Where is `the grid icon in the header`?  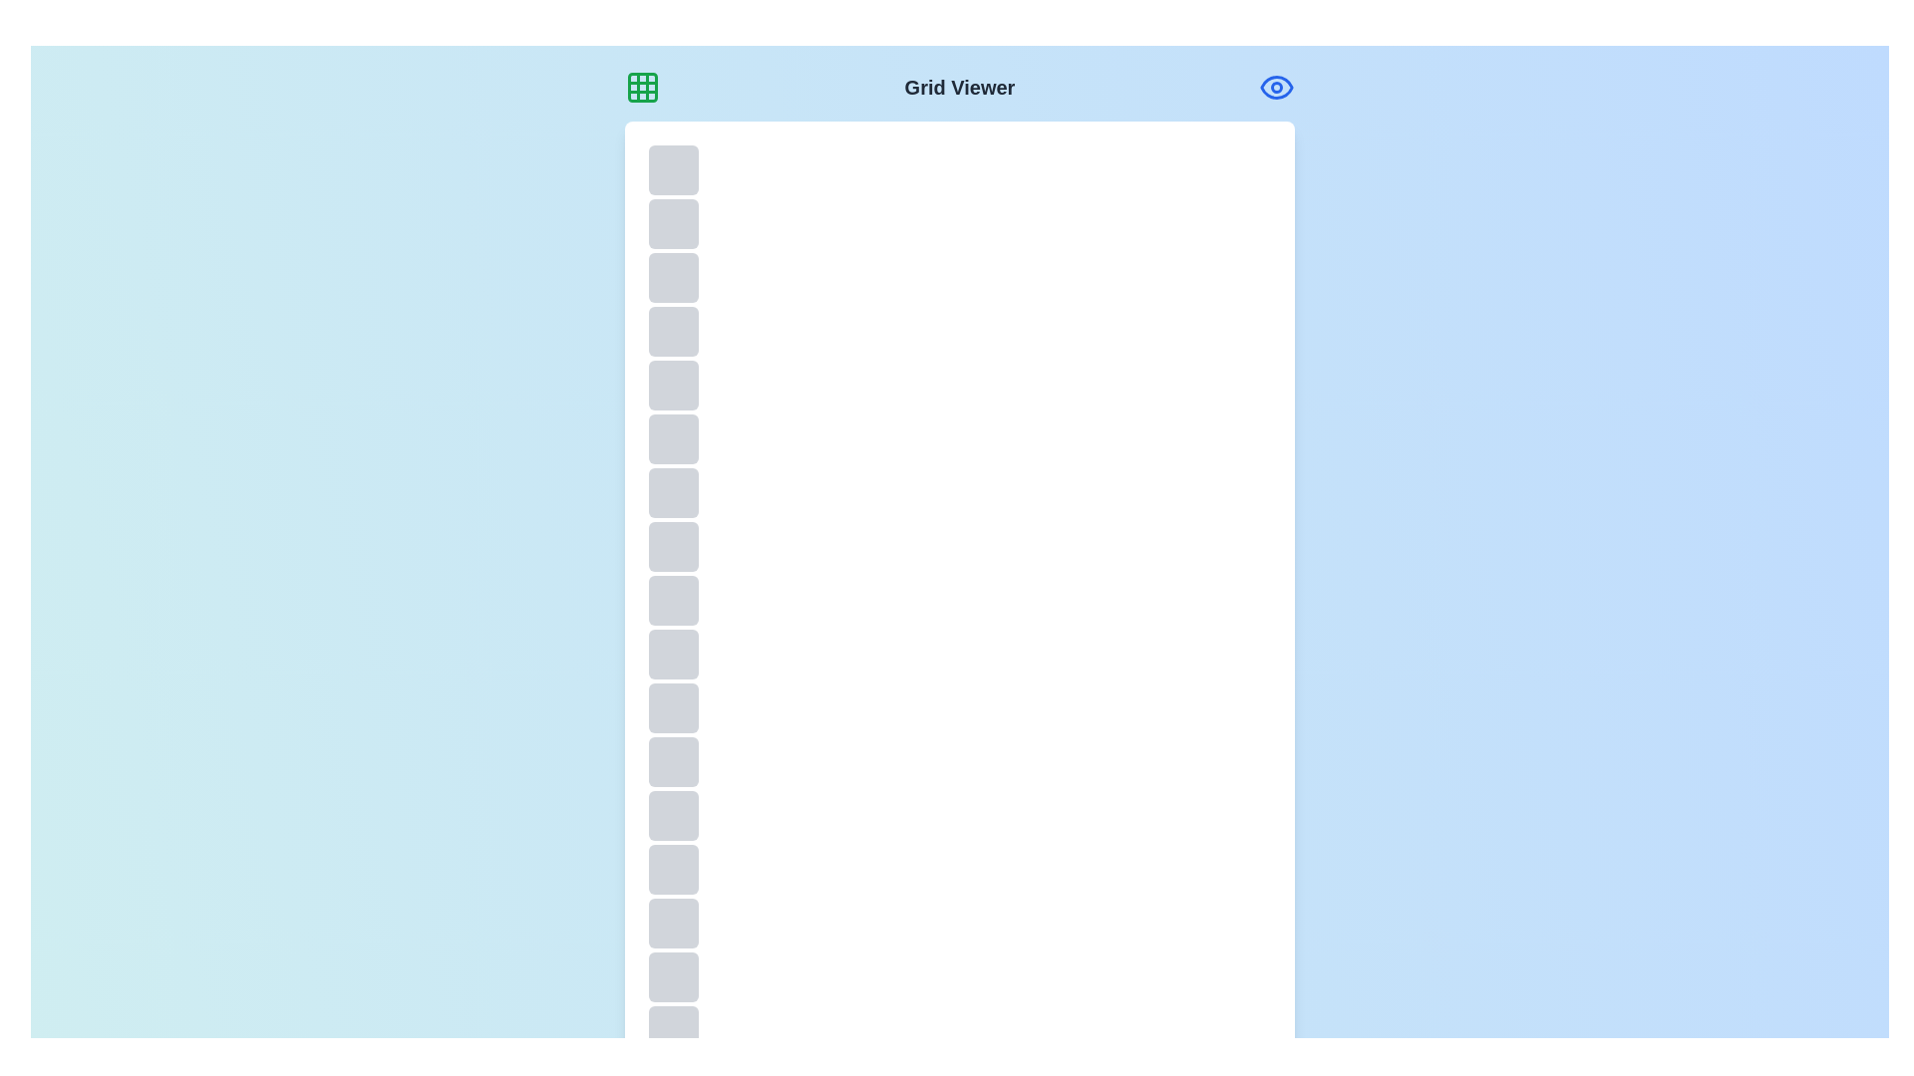 the grid icon in the header is located at coordinates (642, 87).